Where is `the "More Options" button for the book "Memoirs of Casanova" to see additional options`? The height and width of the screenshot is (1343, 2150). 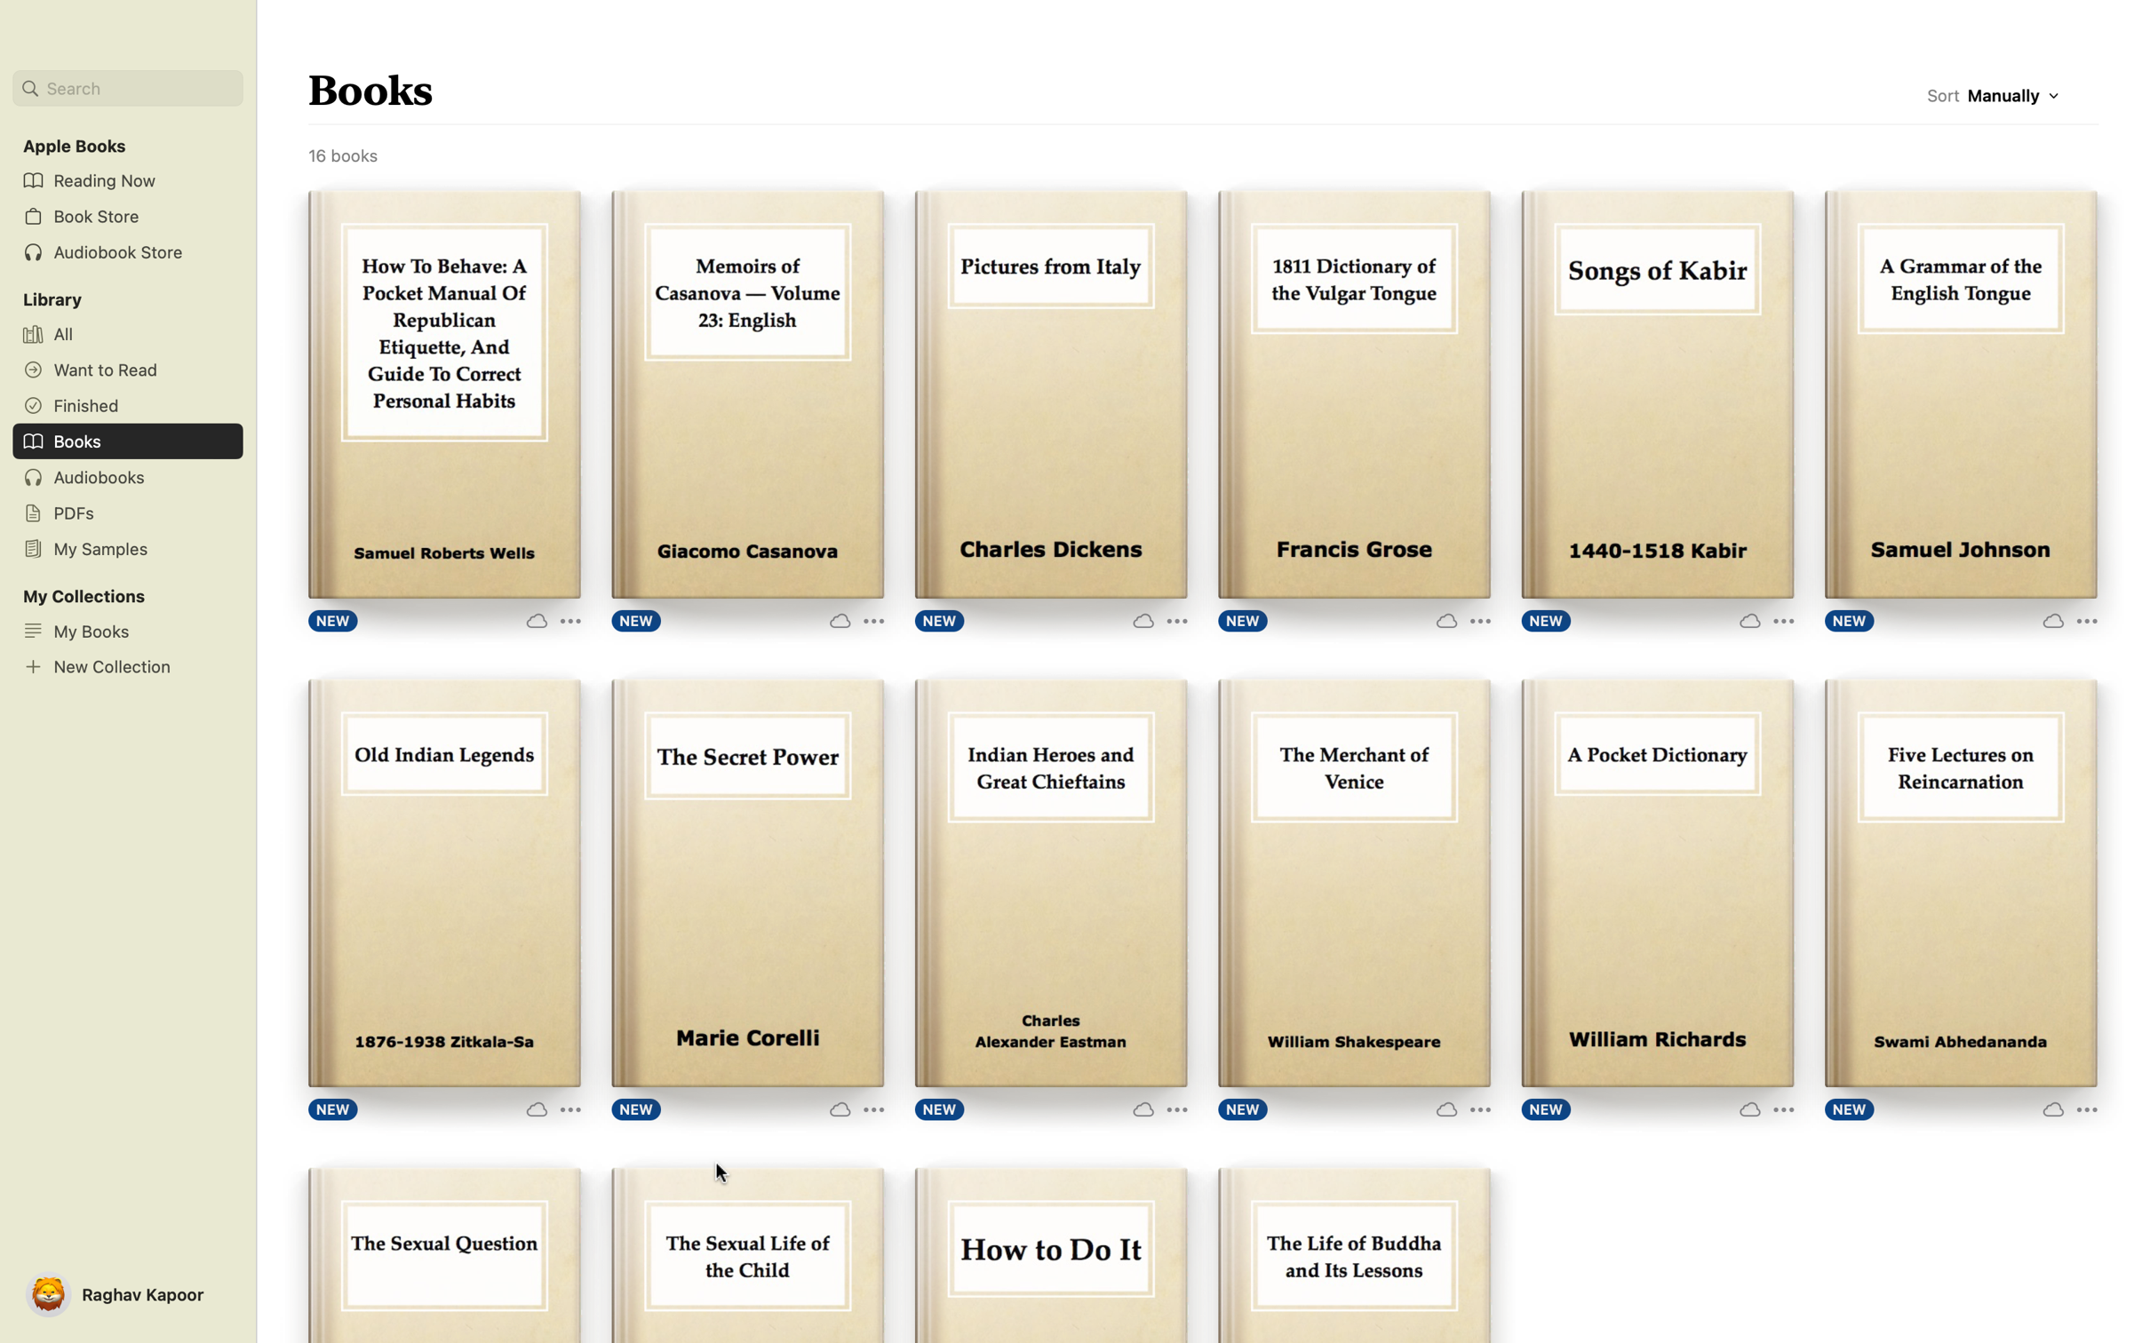
the "More Options" button for the book "Memoirs of Casanova" to see additional options is located at coordinates (850, 618).